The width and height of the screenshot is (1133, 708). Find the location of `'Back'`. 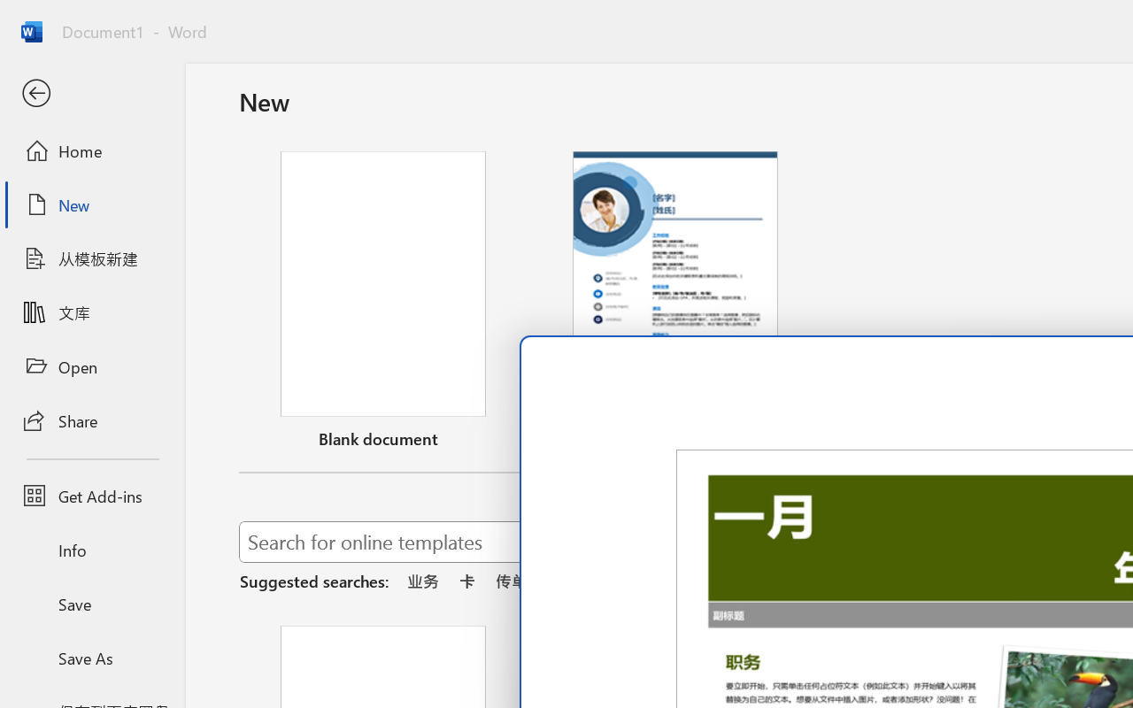

'Back' is located at coordinates (91, 93).